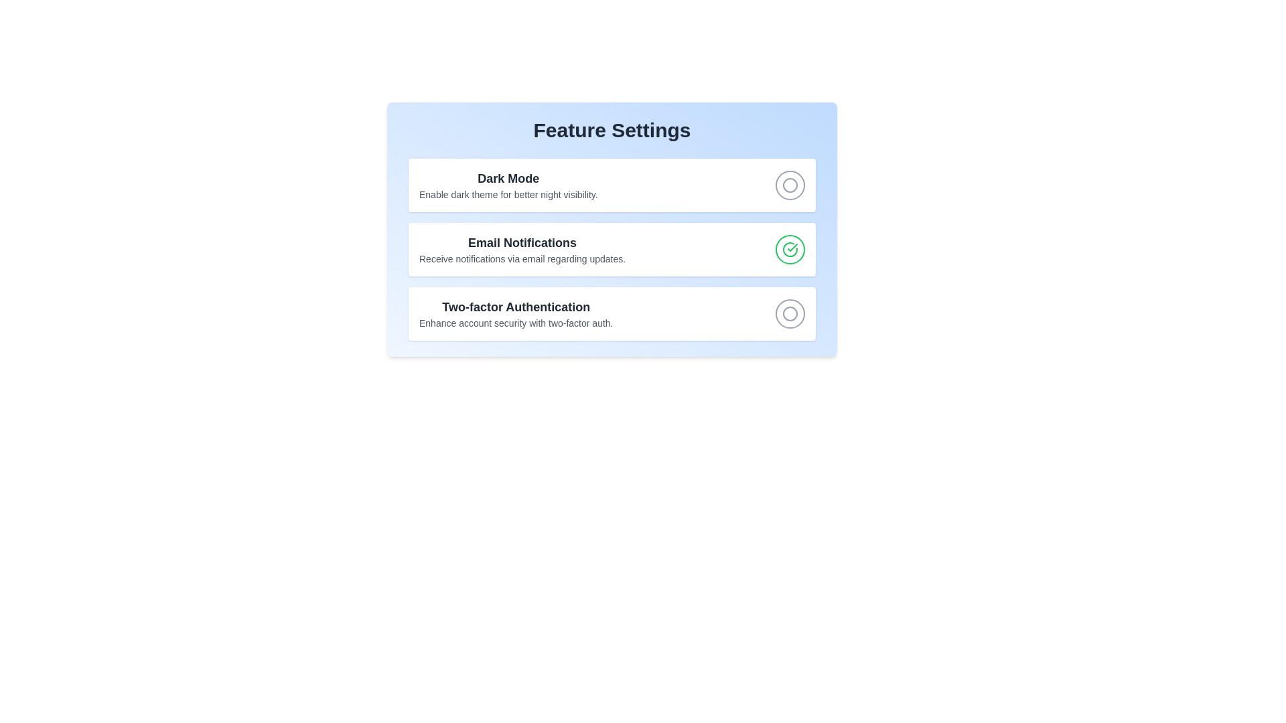  Describe the element at coordinates (515, 314) in the screenshot. I see `the text-based informational element titled 'Two-factor Authentication' which is located in the bottom section of the settings interface, below 'Email Notifications'` at that location.